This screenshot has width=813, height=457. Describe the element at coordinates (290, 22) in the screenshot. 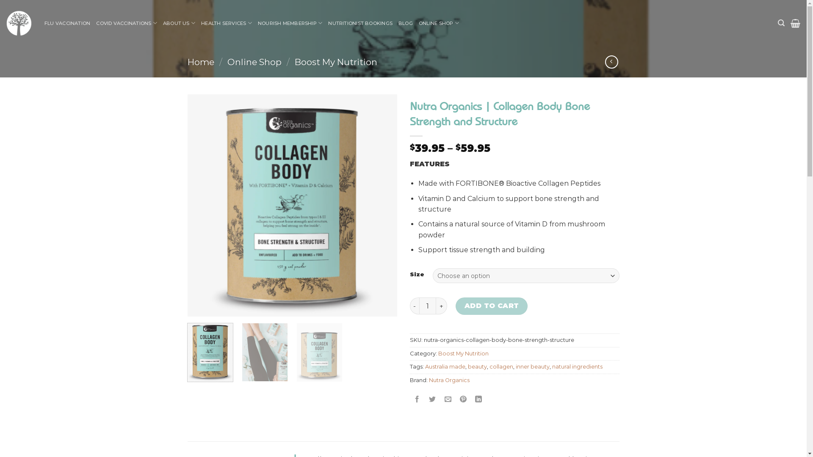

I see `'NOURISH MEMBERSHIP'` at that location.